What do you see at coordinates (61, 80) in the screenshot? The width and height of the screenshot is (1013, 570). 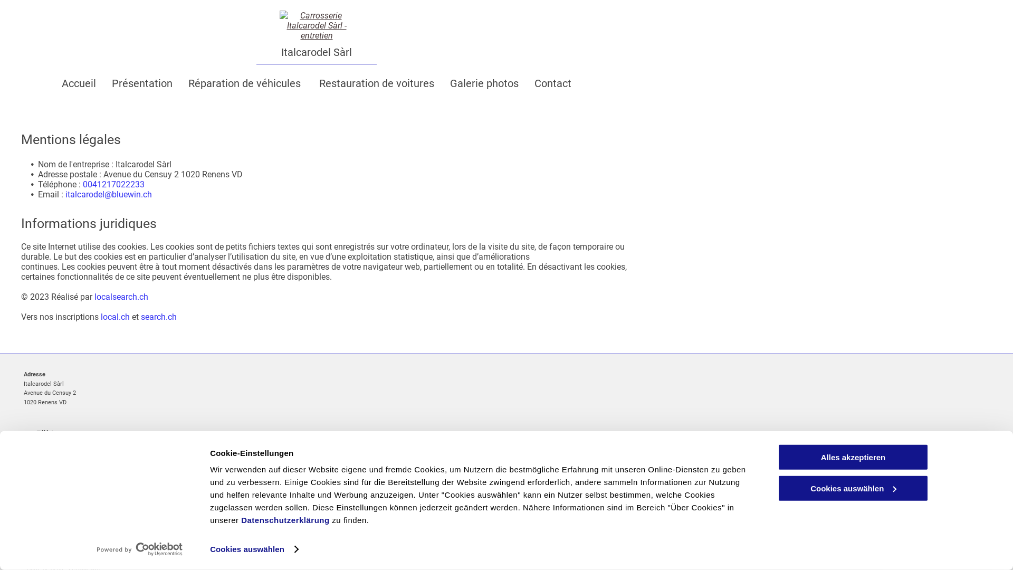 I see `'Accueil'` at bounding box center [61, 80].